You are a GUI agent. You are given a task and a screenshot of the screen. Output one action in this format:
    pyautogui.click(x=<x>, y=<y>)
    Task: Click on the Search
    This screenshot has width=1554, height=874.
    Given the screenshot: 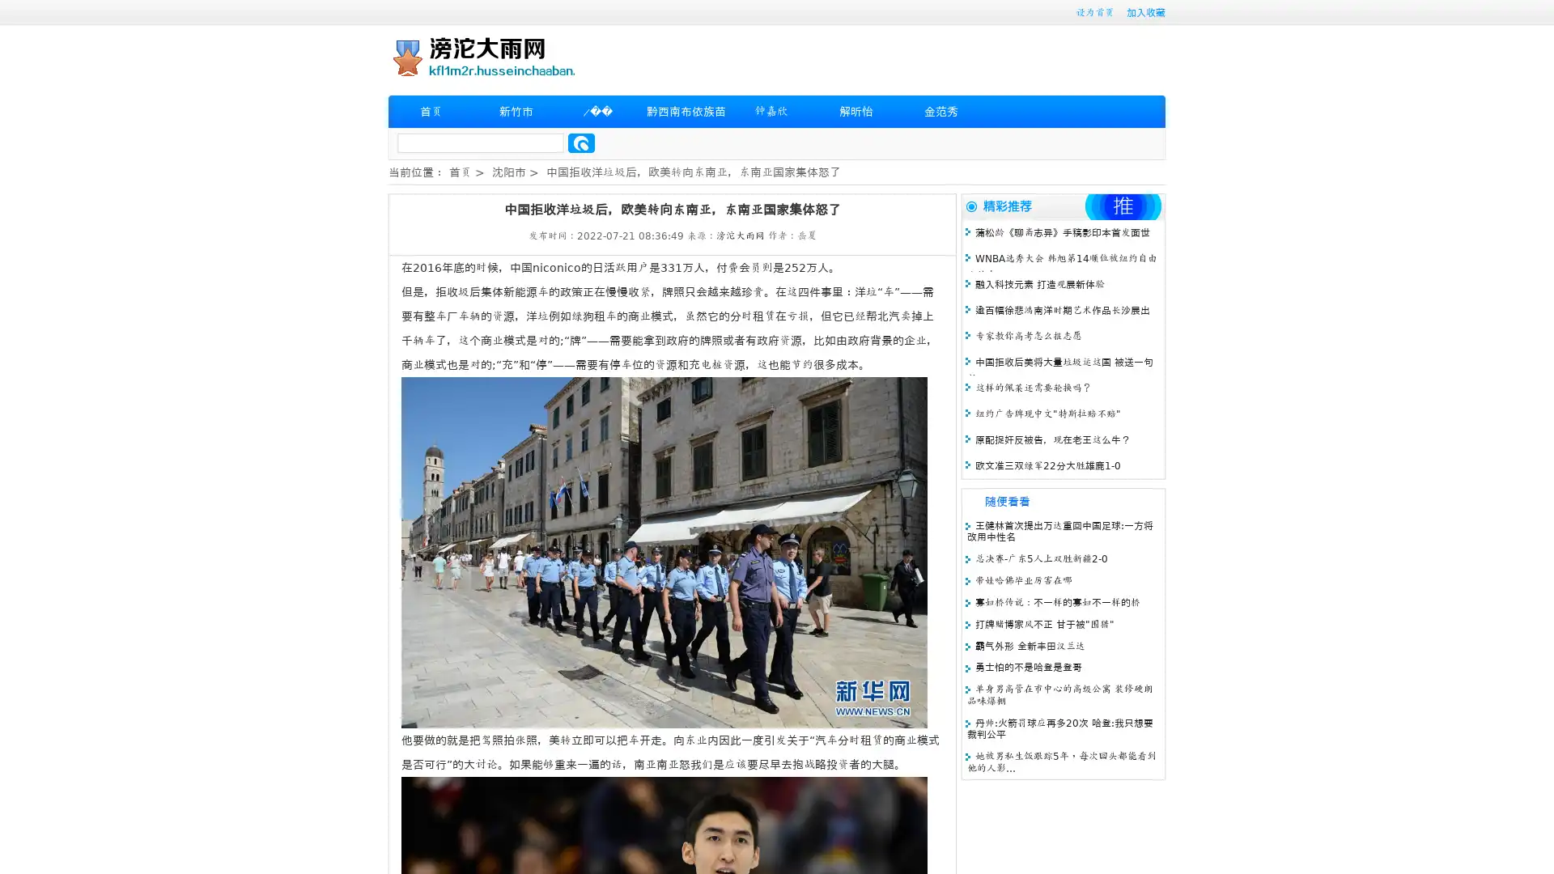 What is the action you would take?
    pyautogui.click(x=581, y=142)
    